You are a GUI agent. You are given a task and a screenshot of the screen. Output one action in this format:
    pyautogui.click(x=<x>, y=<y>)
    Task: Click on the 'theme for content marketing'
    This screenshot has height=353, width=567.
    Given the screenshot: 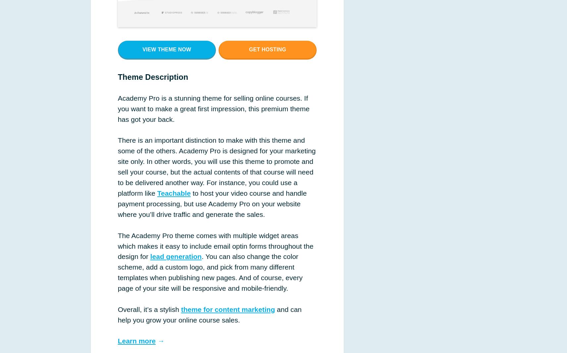 What is the action you would take?
    pyautogui.click(x=228, y=309)
    